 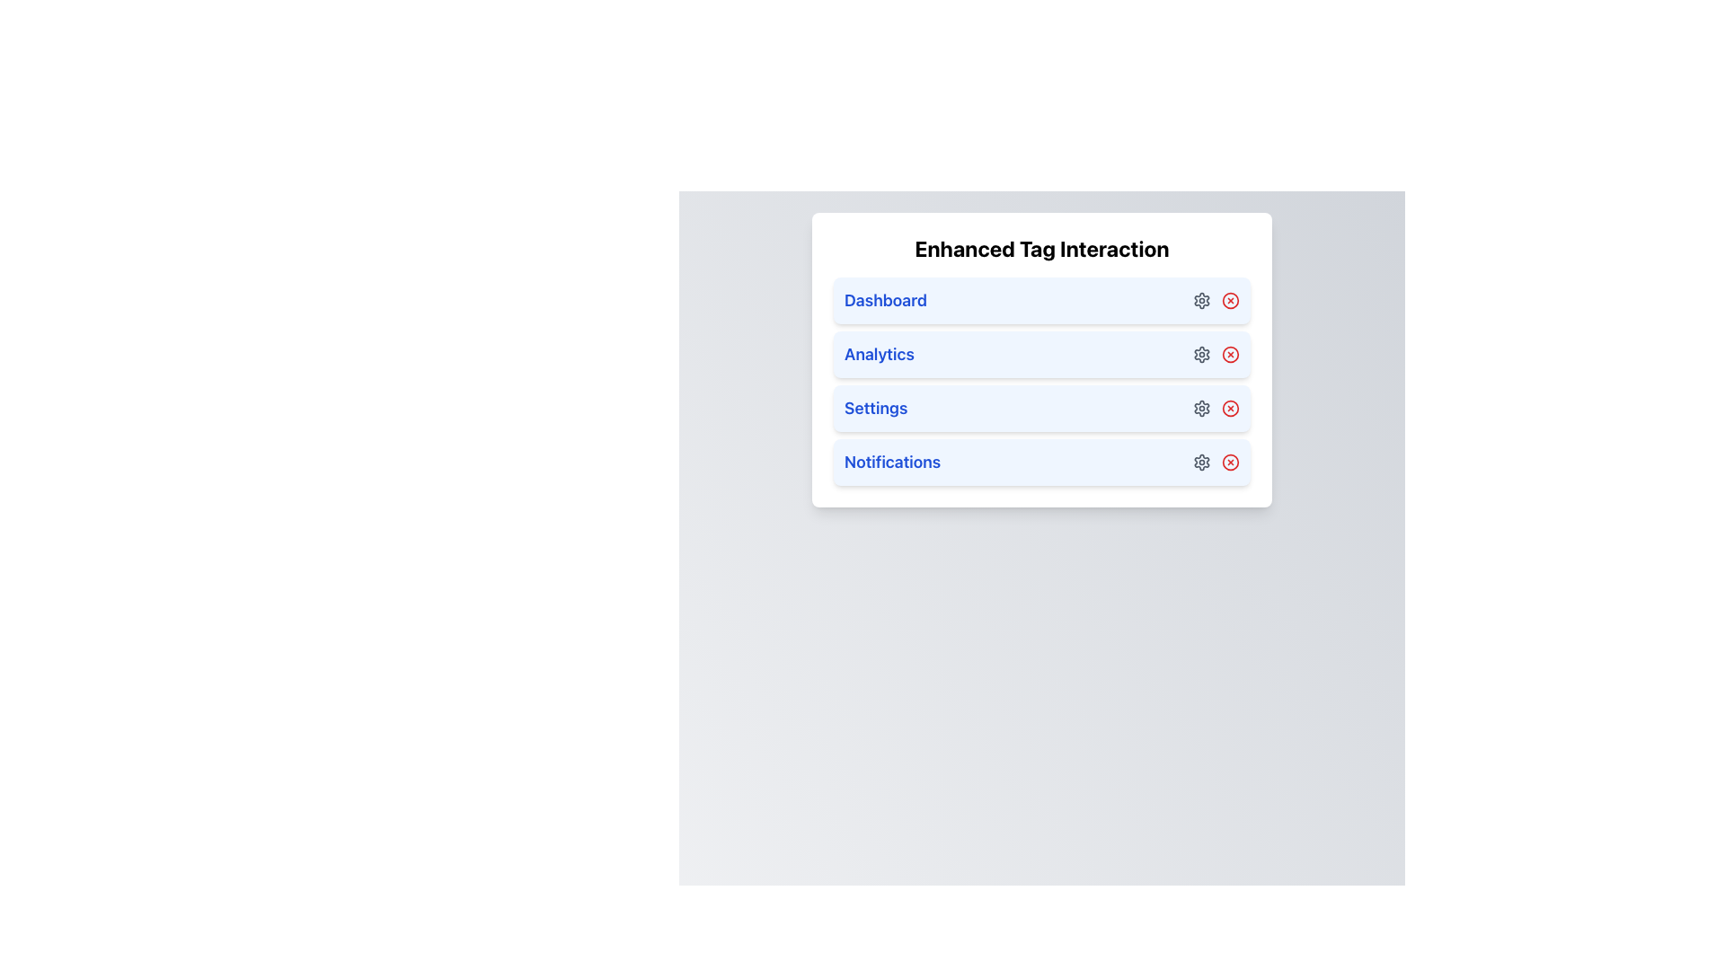 I want to click on the delete button represented by a circle with an embedded icon located on the far right-hand side of the 'Dashboard' row in the 'Enhanced Tag Interaction' card, so click(x=1229, y=300).